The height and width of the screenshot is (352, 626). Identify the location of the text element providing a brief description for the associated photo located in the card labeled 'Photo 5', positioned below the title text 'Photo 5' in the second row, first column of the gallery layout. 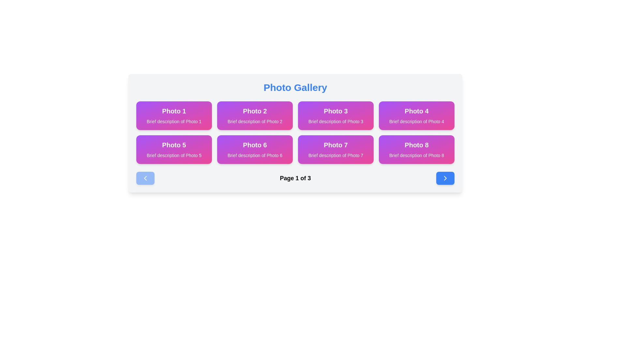
(174, 155).